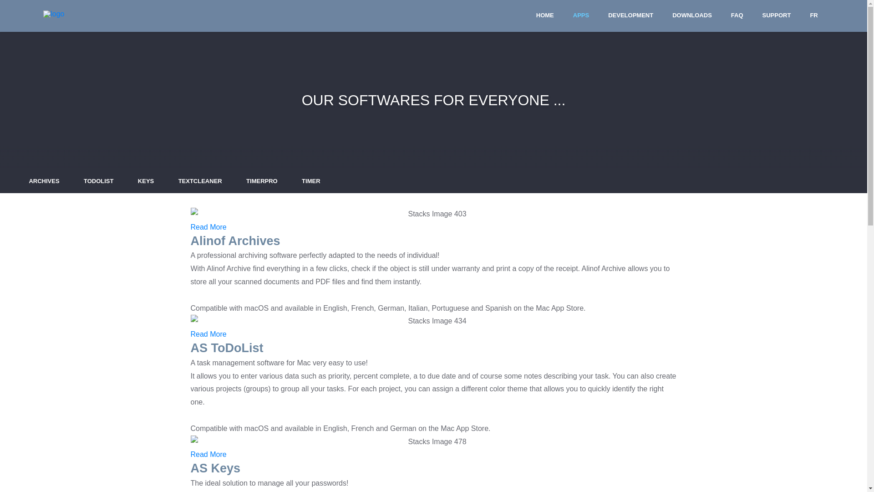  Describe the element at coordinates (692, 15) in the screenshot. I see `'DOWNLOADS'` at that location.